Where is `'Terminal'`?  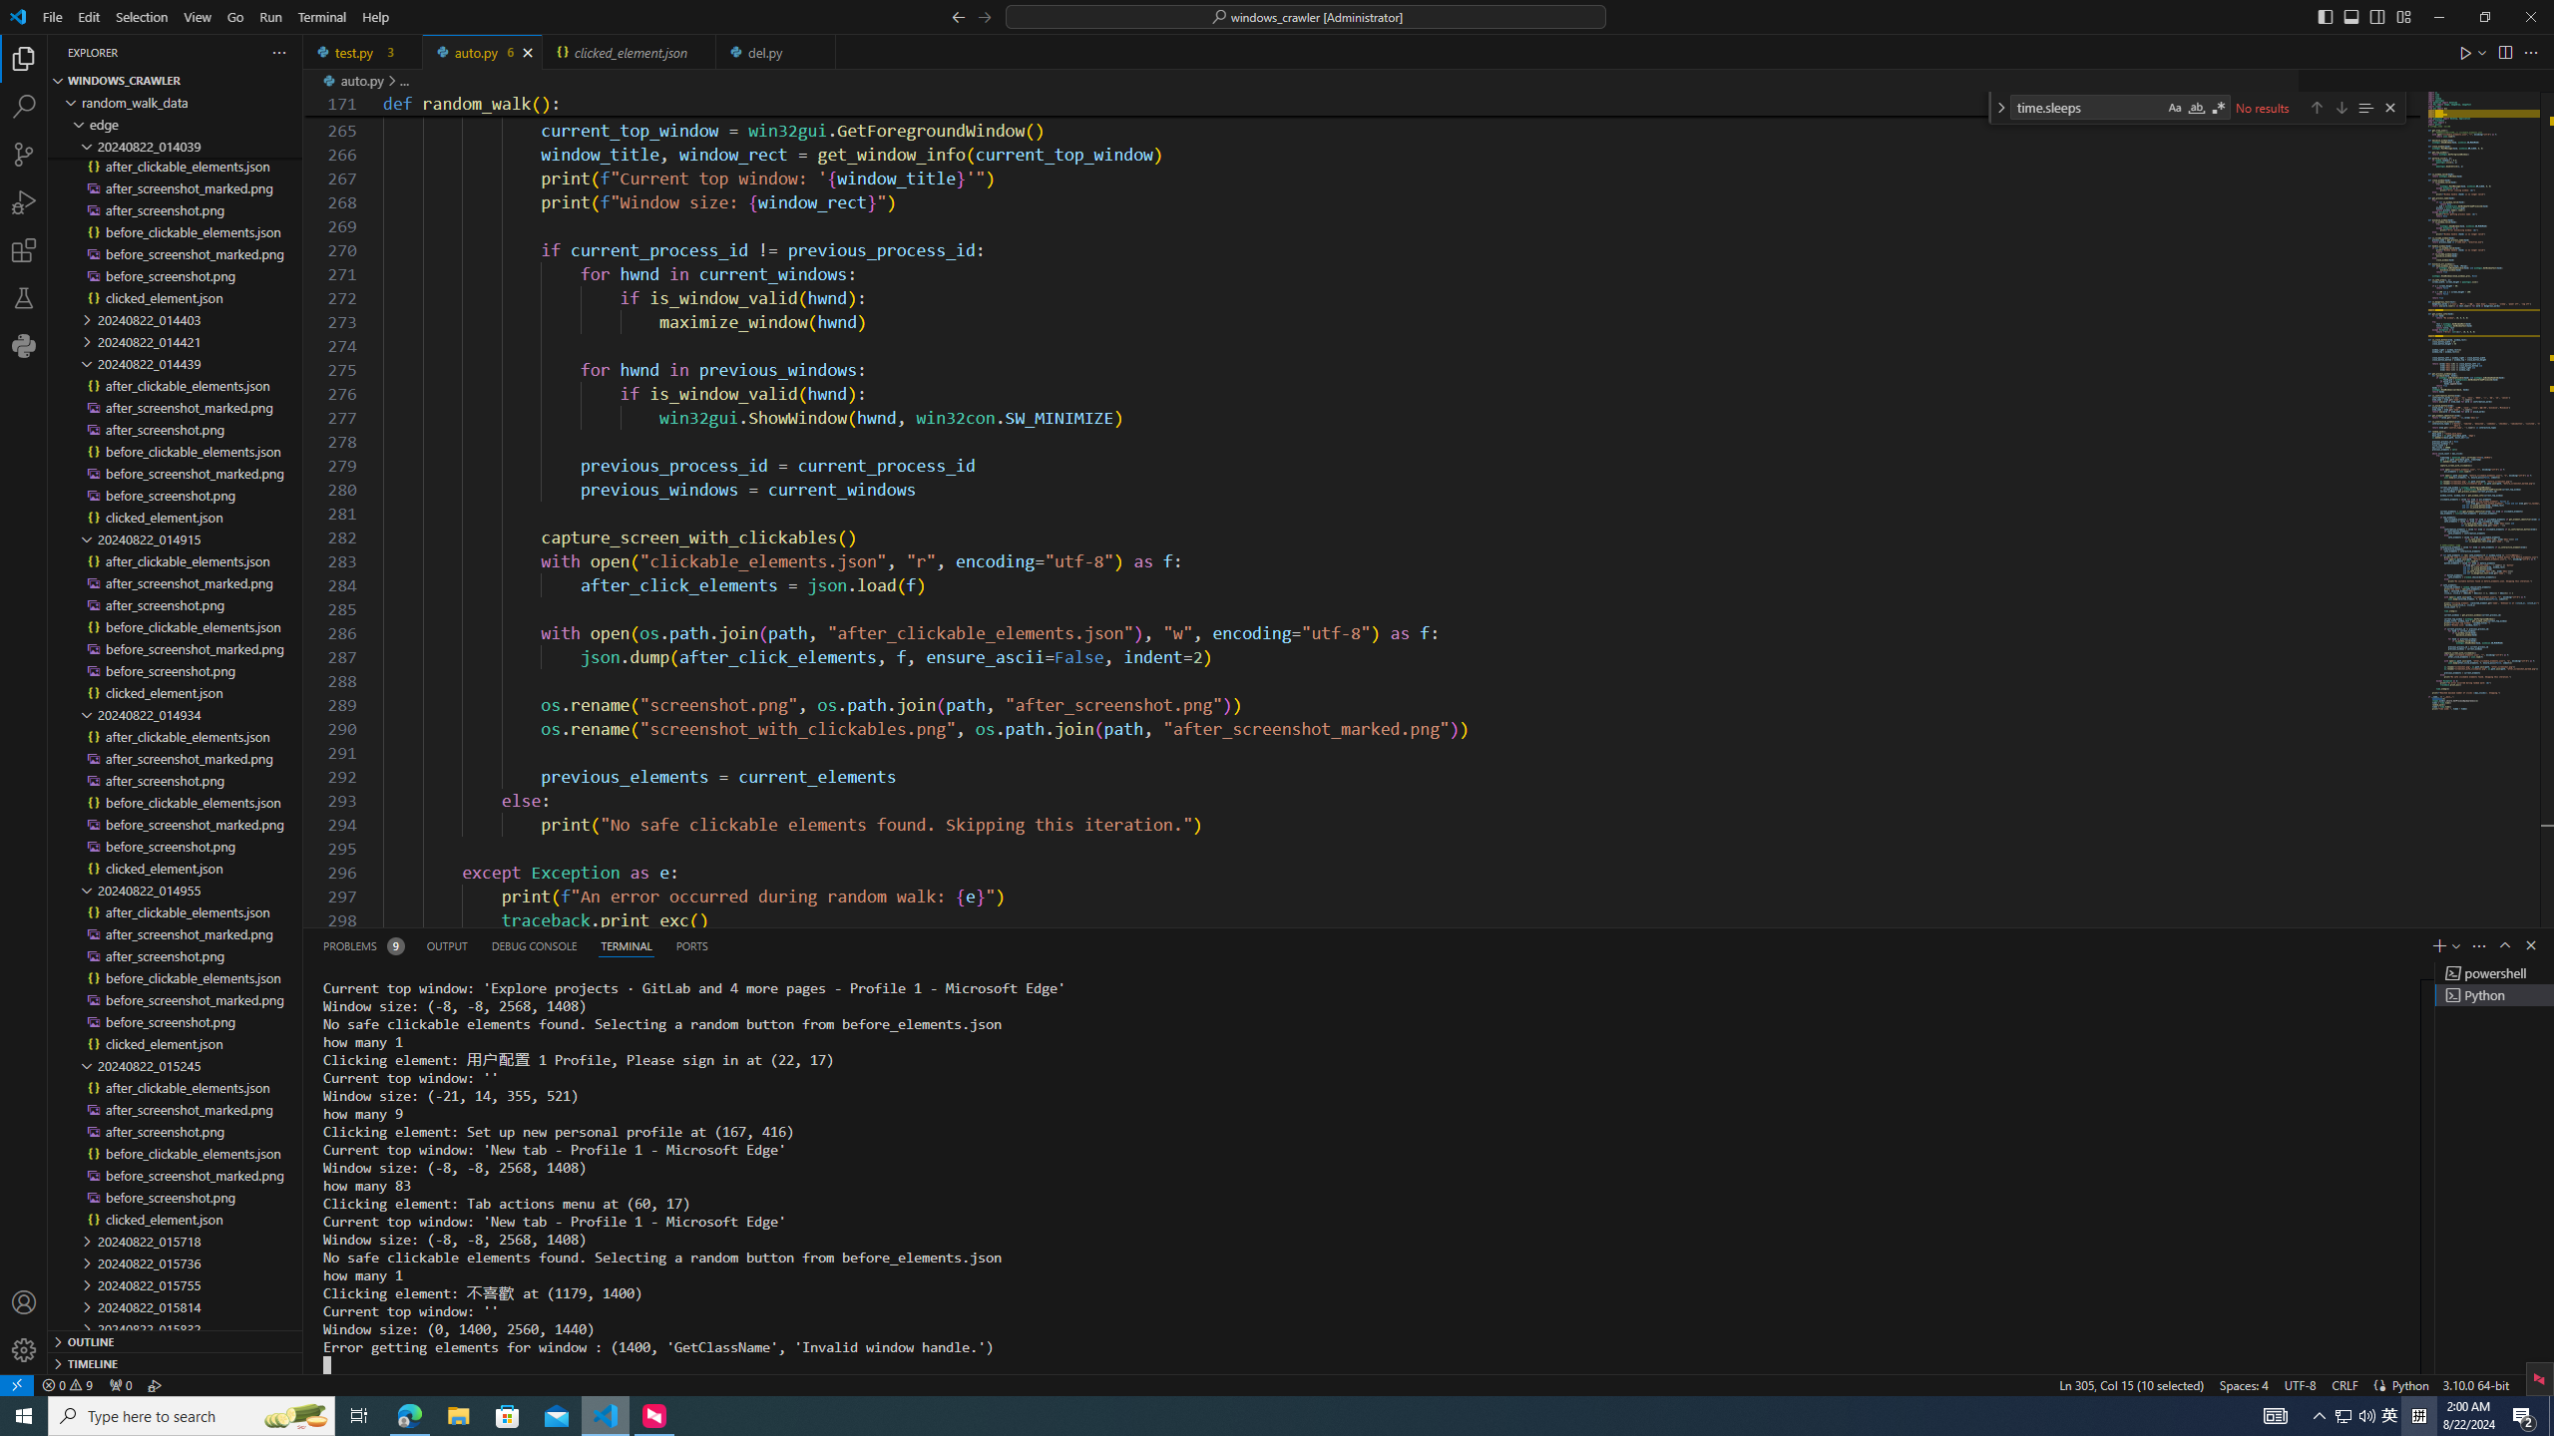
'Terminal' is located at coordinates (321, 16).